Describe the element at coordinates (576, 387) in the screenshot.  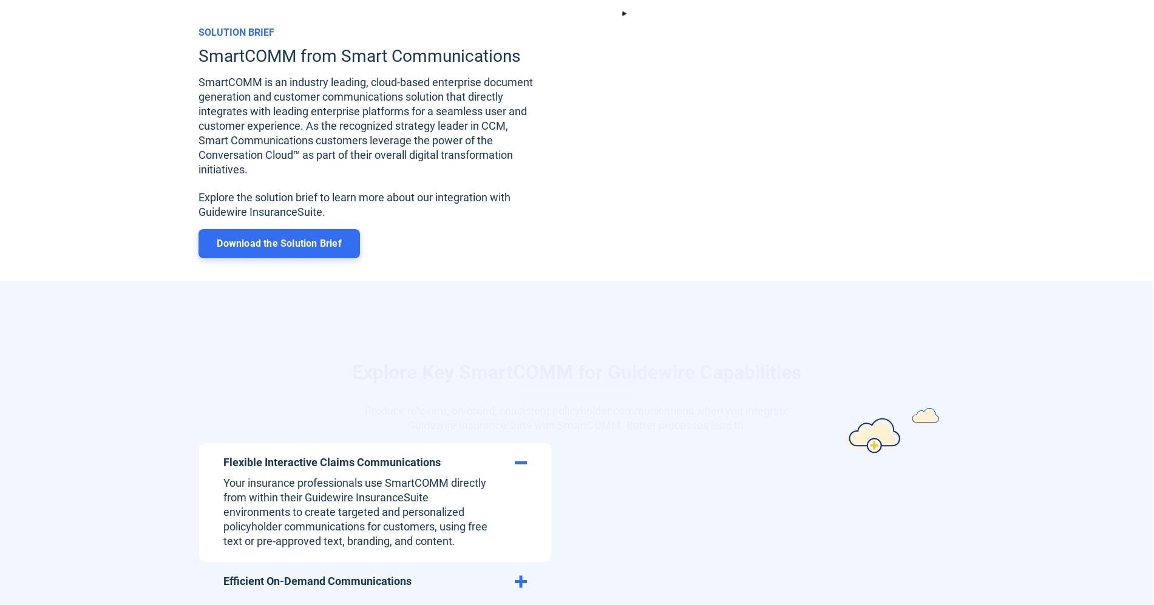
I see `'Produce relevant, on-brand, consistent policyholder communications when you integrate Guidewire InsuranceSuite with SmartCOMM. Better processes lead to:'` at that location.